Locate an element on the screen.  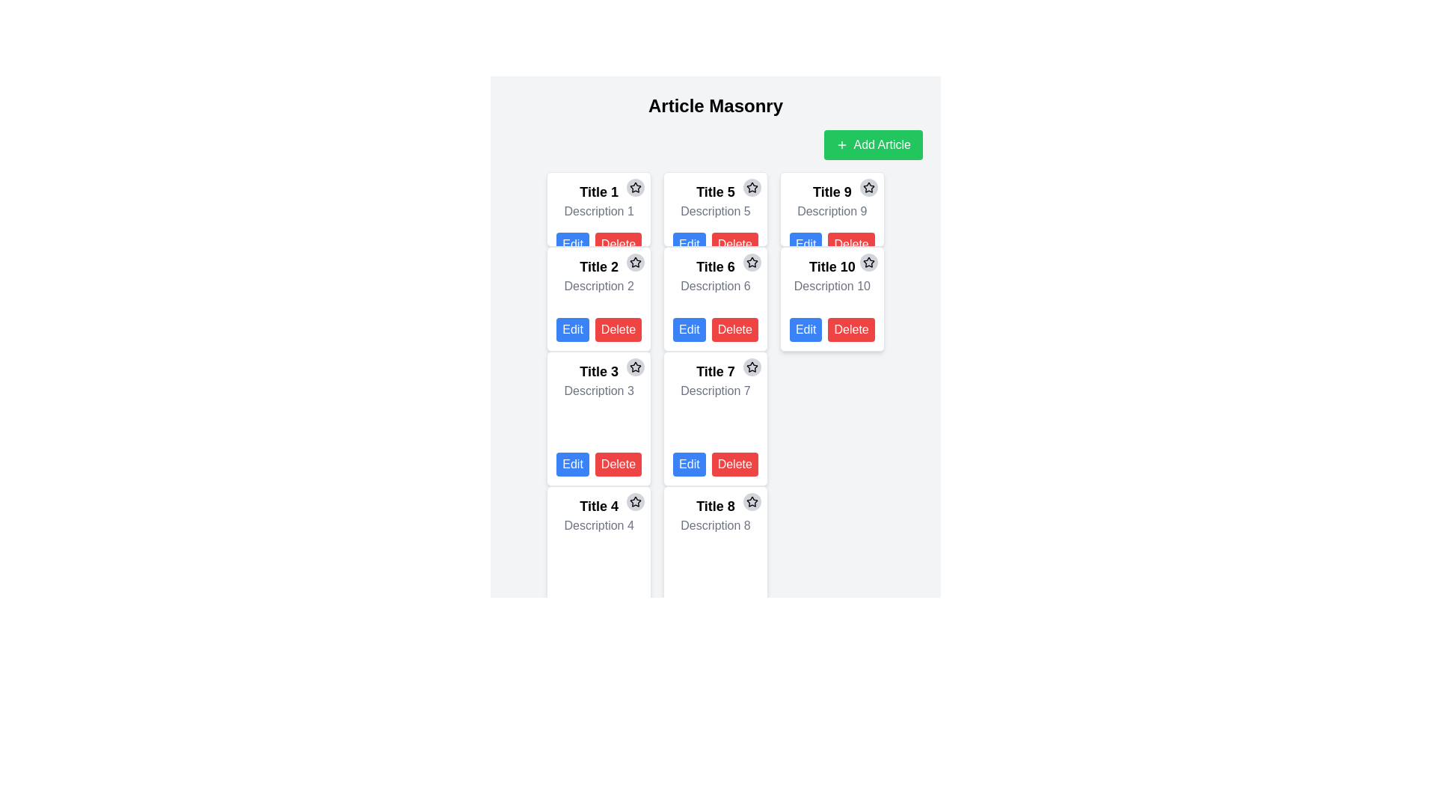
the text label that displays 'Title 8', which is prominently styled with a bold font and larger size, located at the top of its content card is located at coordinates (714, 506).